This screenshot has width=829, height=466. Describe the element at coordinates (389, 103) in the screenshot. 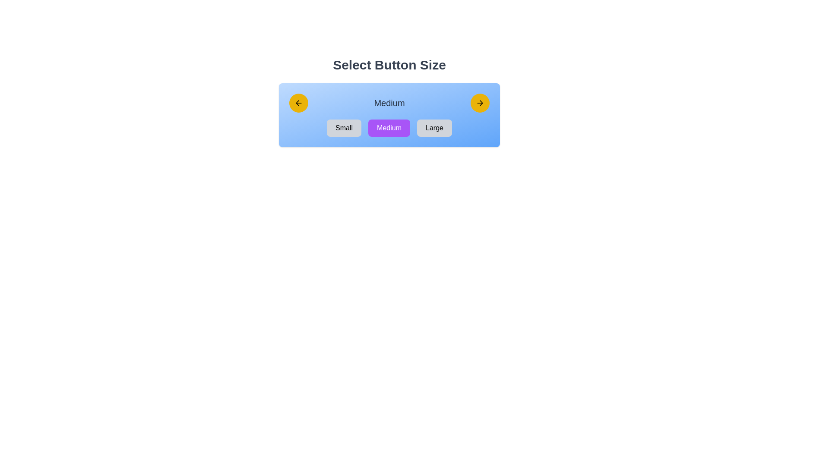

I see `the 'Medium' text label, which is displayed in bold dark gray font on a light blue background, centrally located in a section with navigational elements and buttons` at that location.